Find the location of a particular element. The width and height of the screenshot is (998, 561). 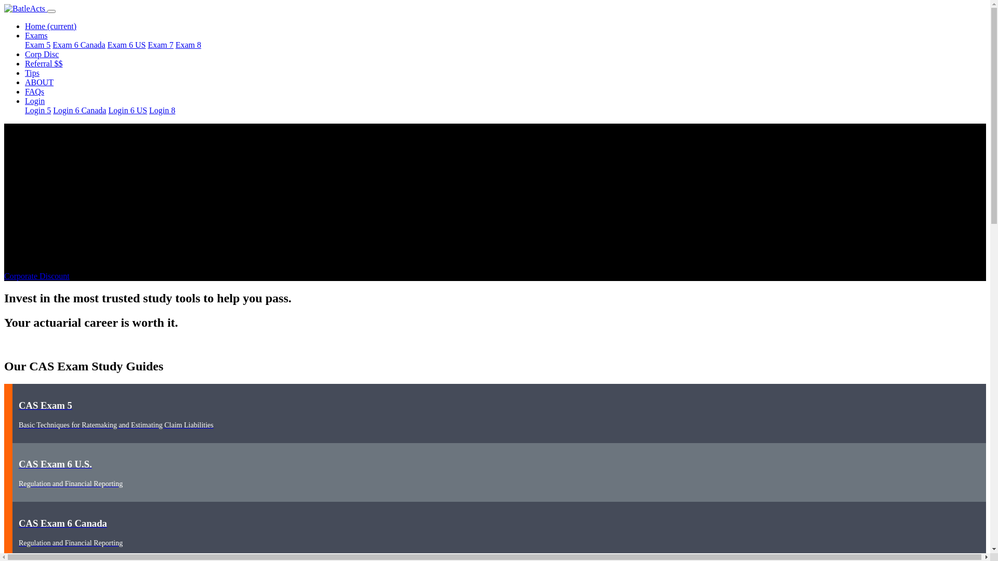

'FAQs' is located at coordinates (25, 91).